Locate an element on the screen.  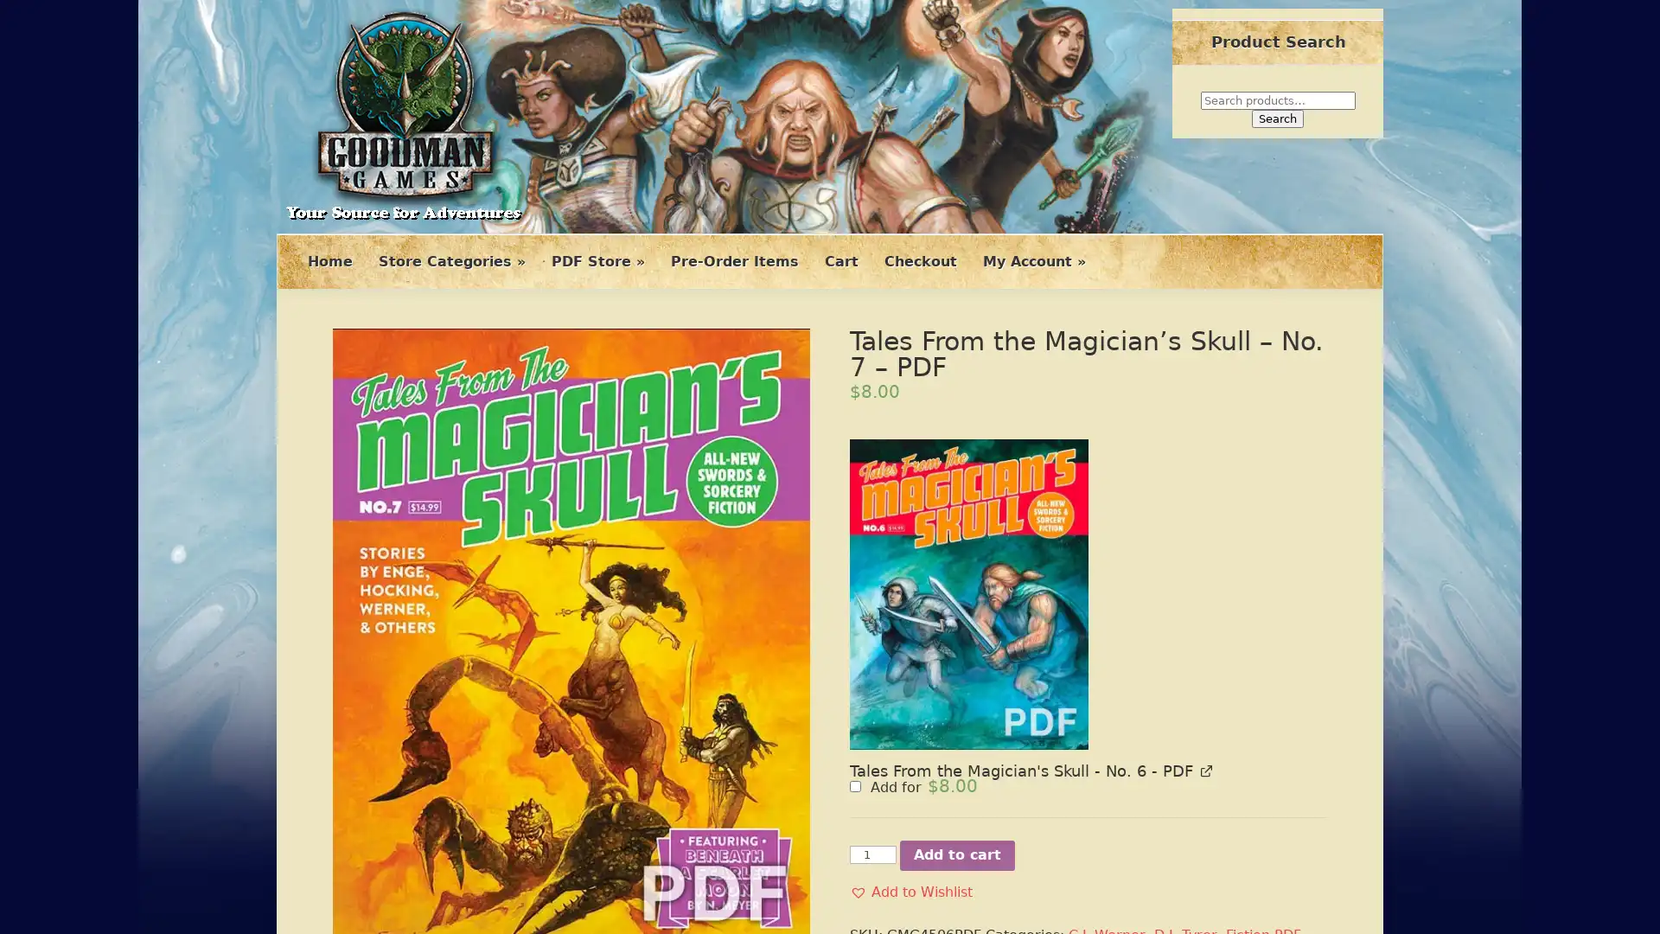
Add to cart is located at coordinates (956, 624).